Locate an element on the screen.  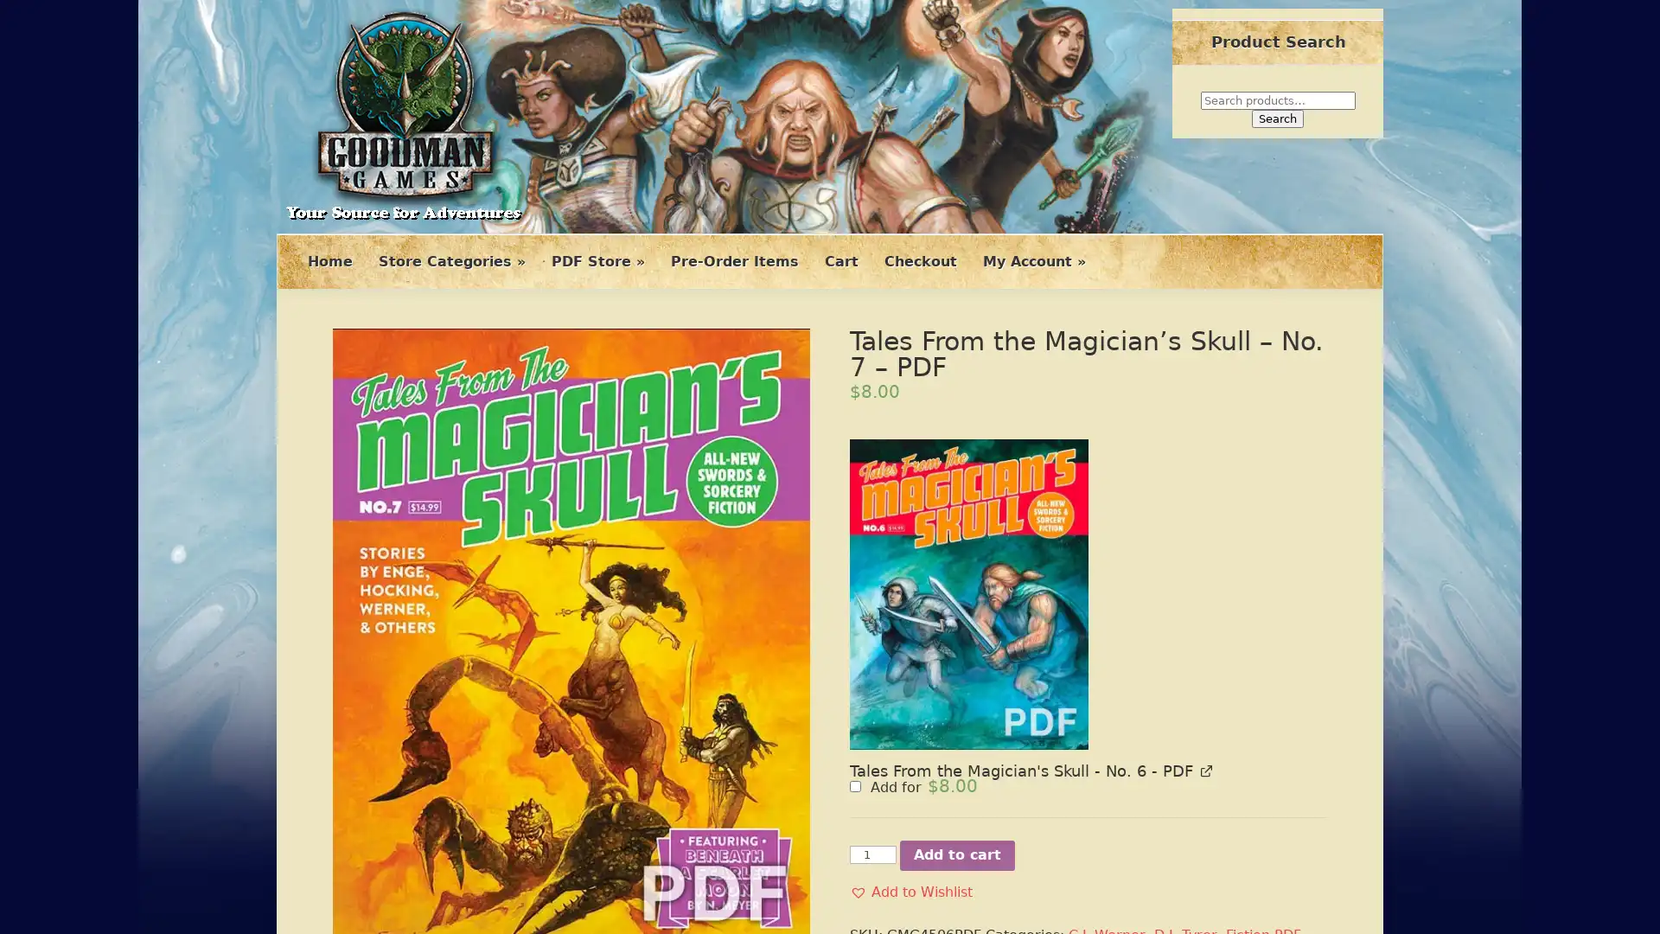
Add to cart is located at coordinates (956, 624).